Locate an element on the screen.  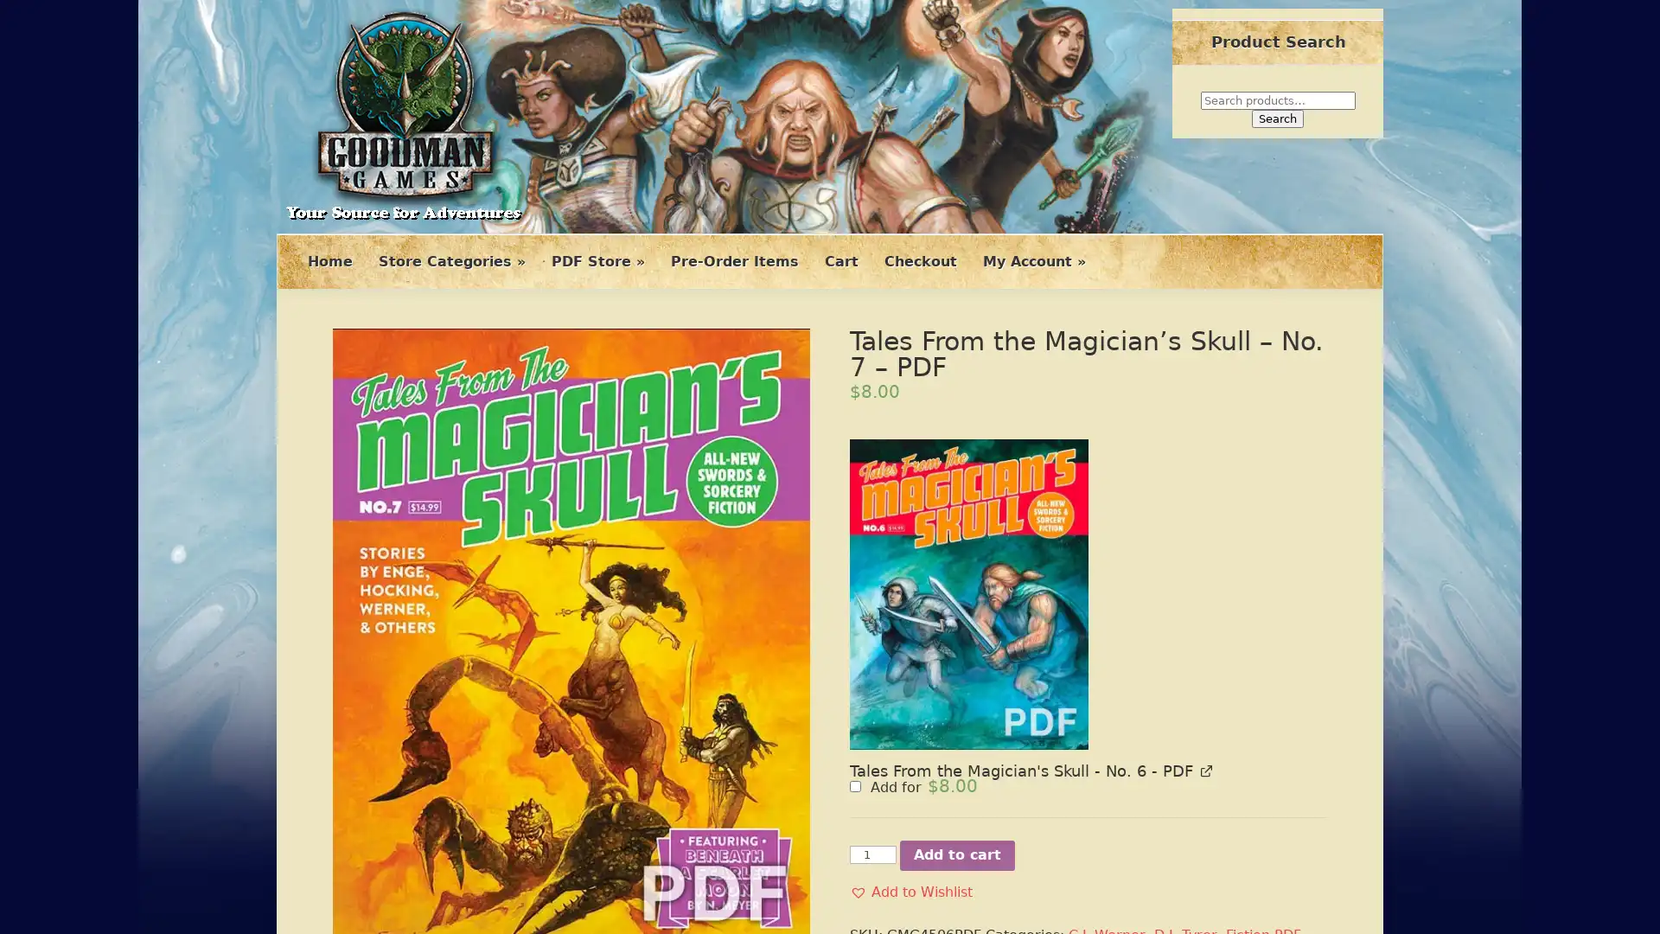
Add to cart is located at coordinates (956, 624).